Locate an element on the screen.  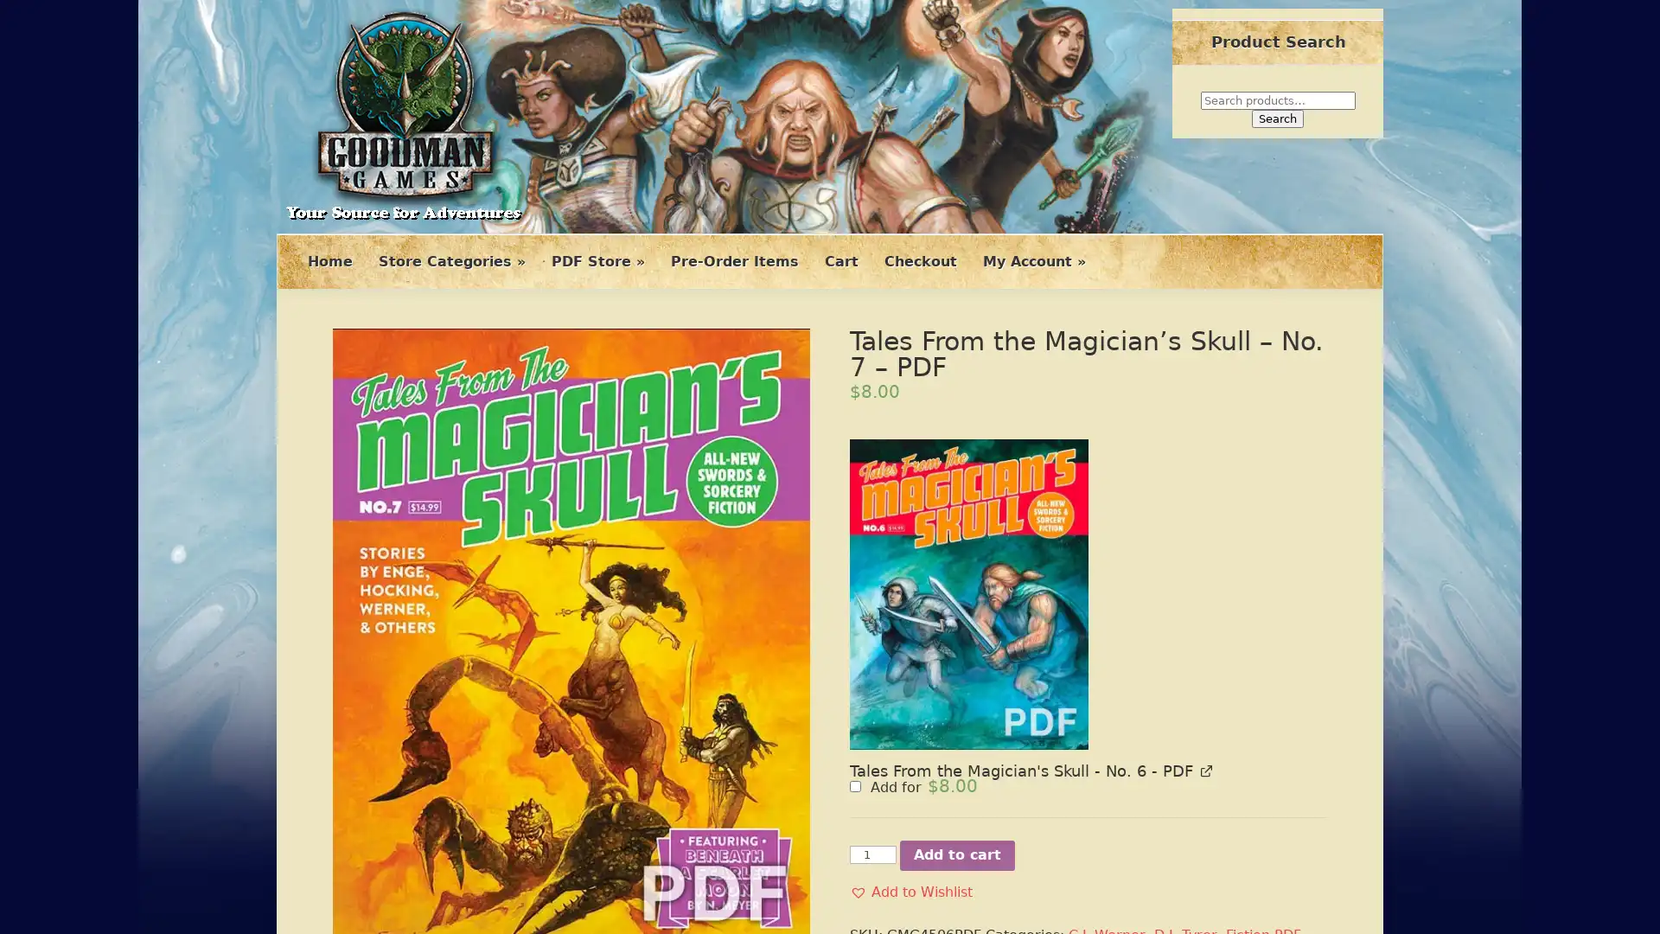
Add to cart is located at coordinates (956, 624).